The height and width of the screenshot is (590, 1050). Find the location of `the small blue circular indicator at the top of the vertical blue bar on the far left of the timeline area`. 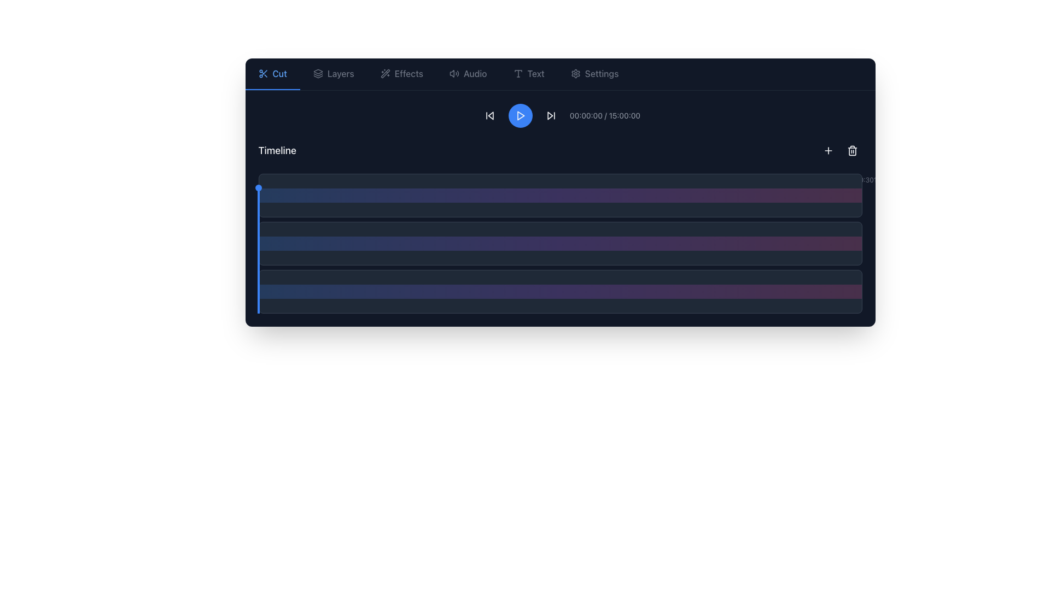

the small blue circular indicator at the top of the vertical blue bar on the far left of the timeline area is located at coordinates (258, 187).